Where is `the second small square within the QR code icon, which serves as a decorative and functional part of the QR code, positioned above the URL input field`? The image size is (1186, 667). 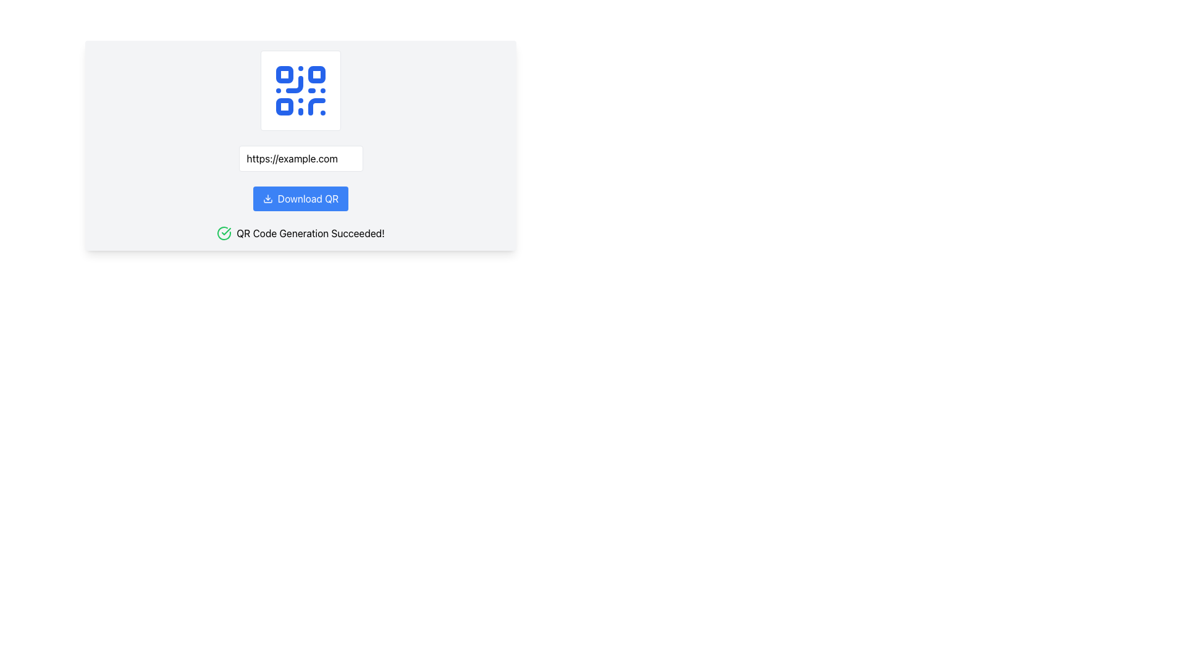 the second small square within the QR code icon, which serves as a decorative and functional part of the QR code, positioned above the URL input field is located at coordinates (317, 74).